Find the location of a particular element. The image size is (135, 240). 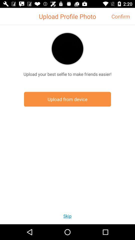

icon above upload your best is located at coordinates (67, 48).